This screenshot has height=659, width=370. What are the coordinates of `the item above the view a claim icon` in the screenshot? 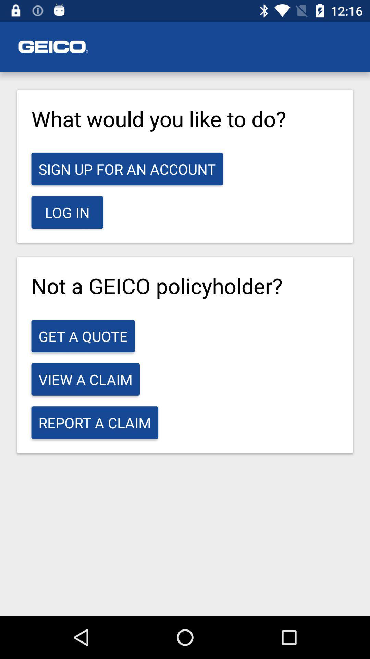 It's located at (83, 336).